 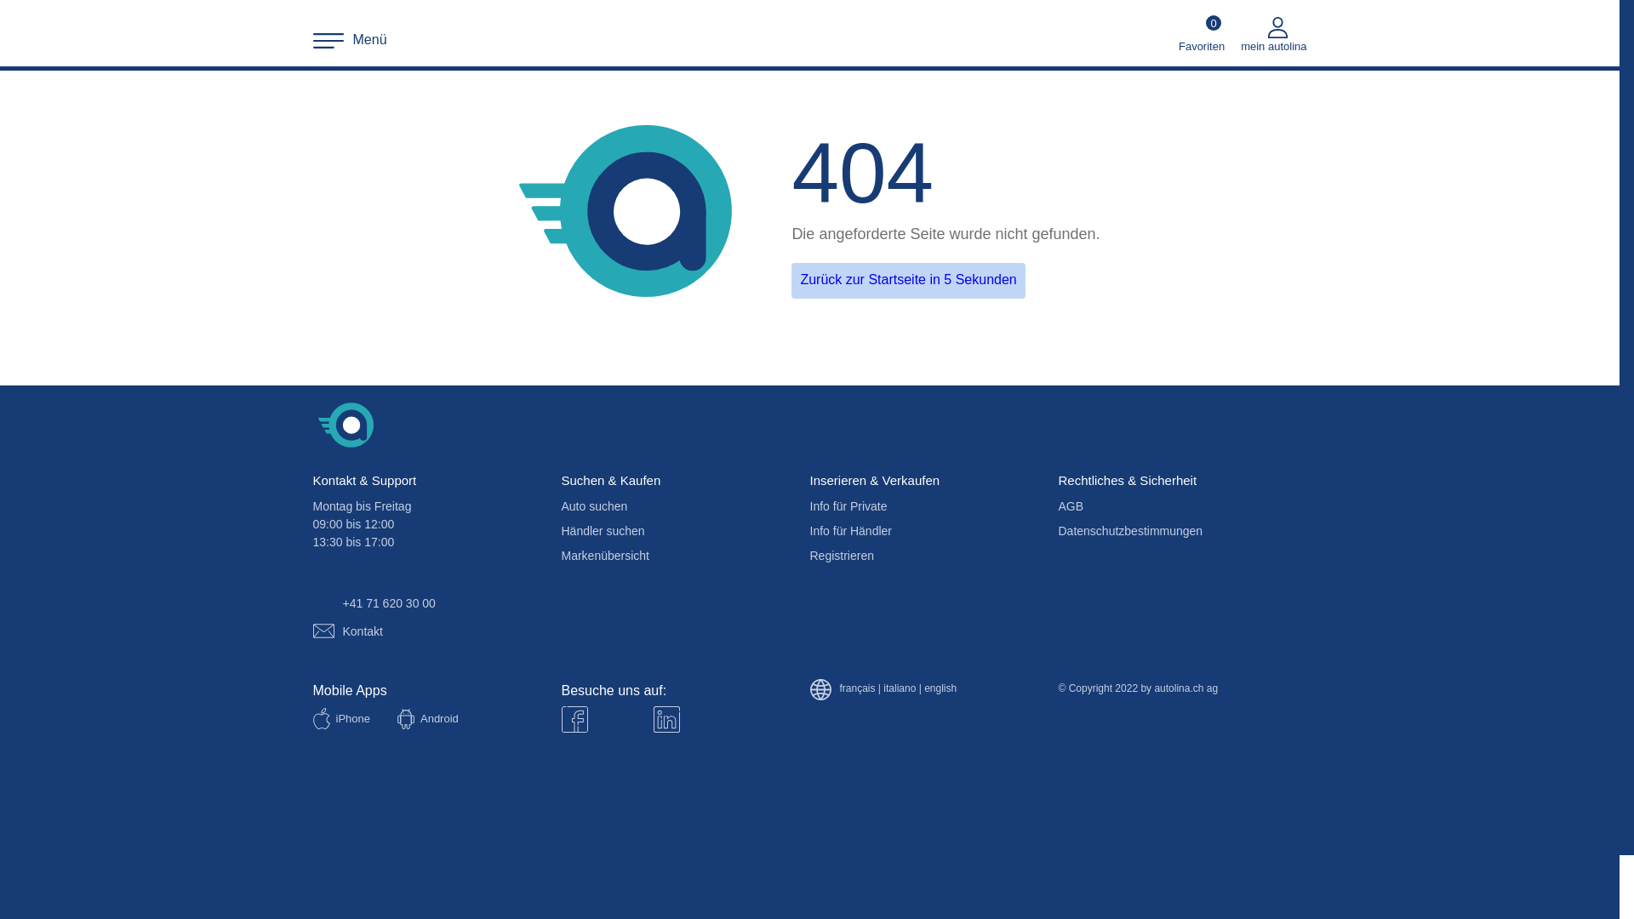 I want to click on 'AGB', so click(x=1053, y=505).